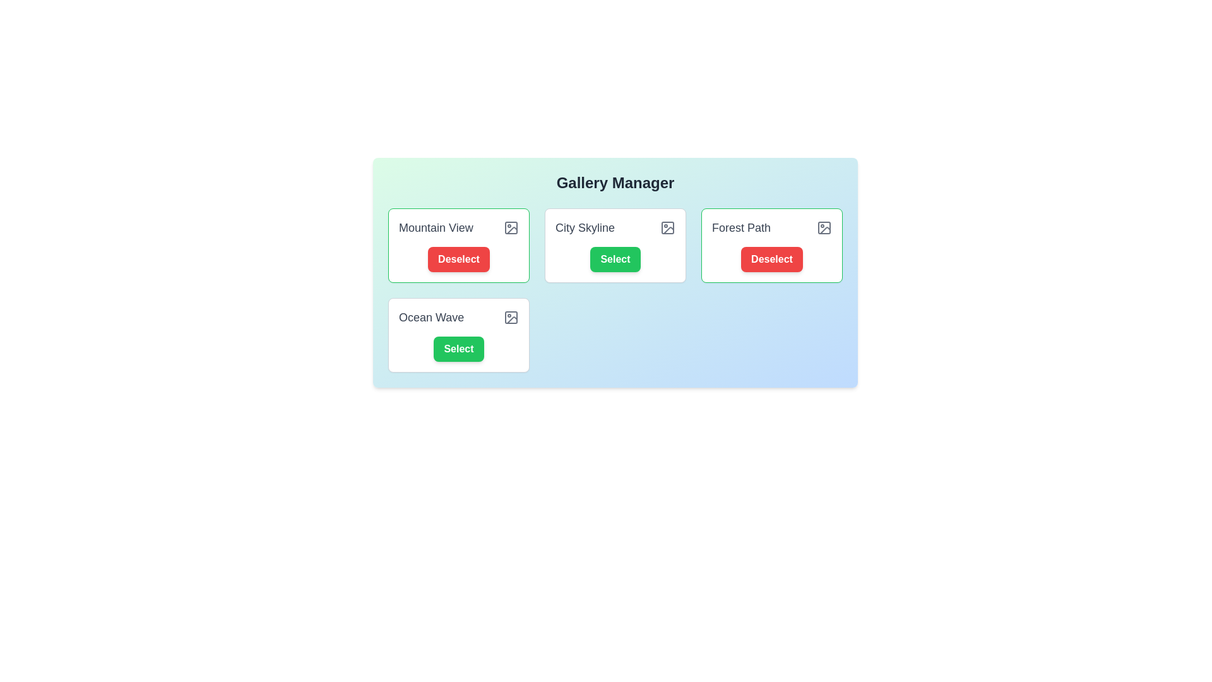 This screenshot has height=682, width=1212. Describe the element at coordinates (511, 316) in the screenshot. I see `the image icon for the photo entry titled 'Ocean Wave'` at that location.